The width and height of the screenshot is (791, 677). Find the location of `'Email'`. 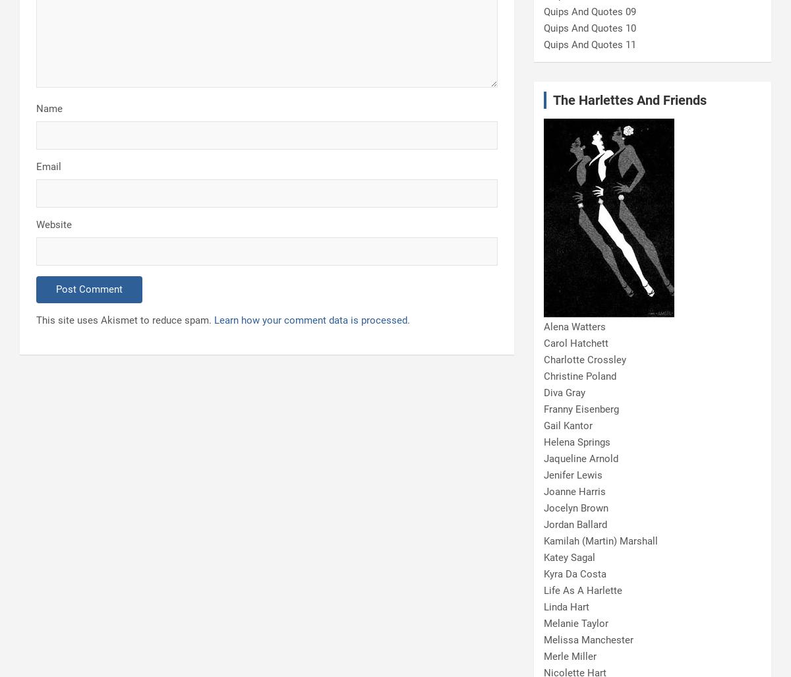

'Email' is located at coordinates (49, 166).